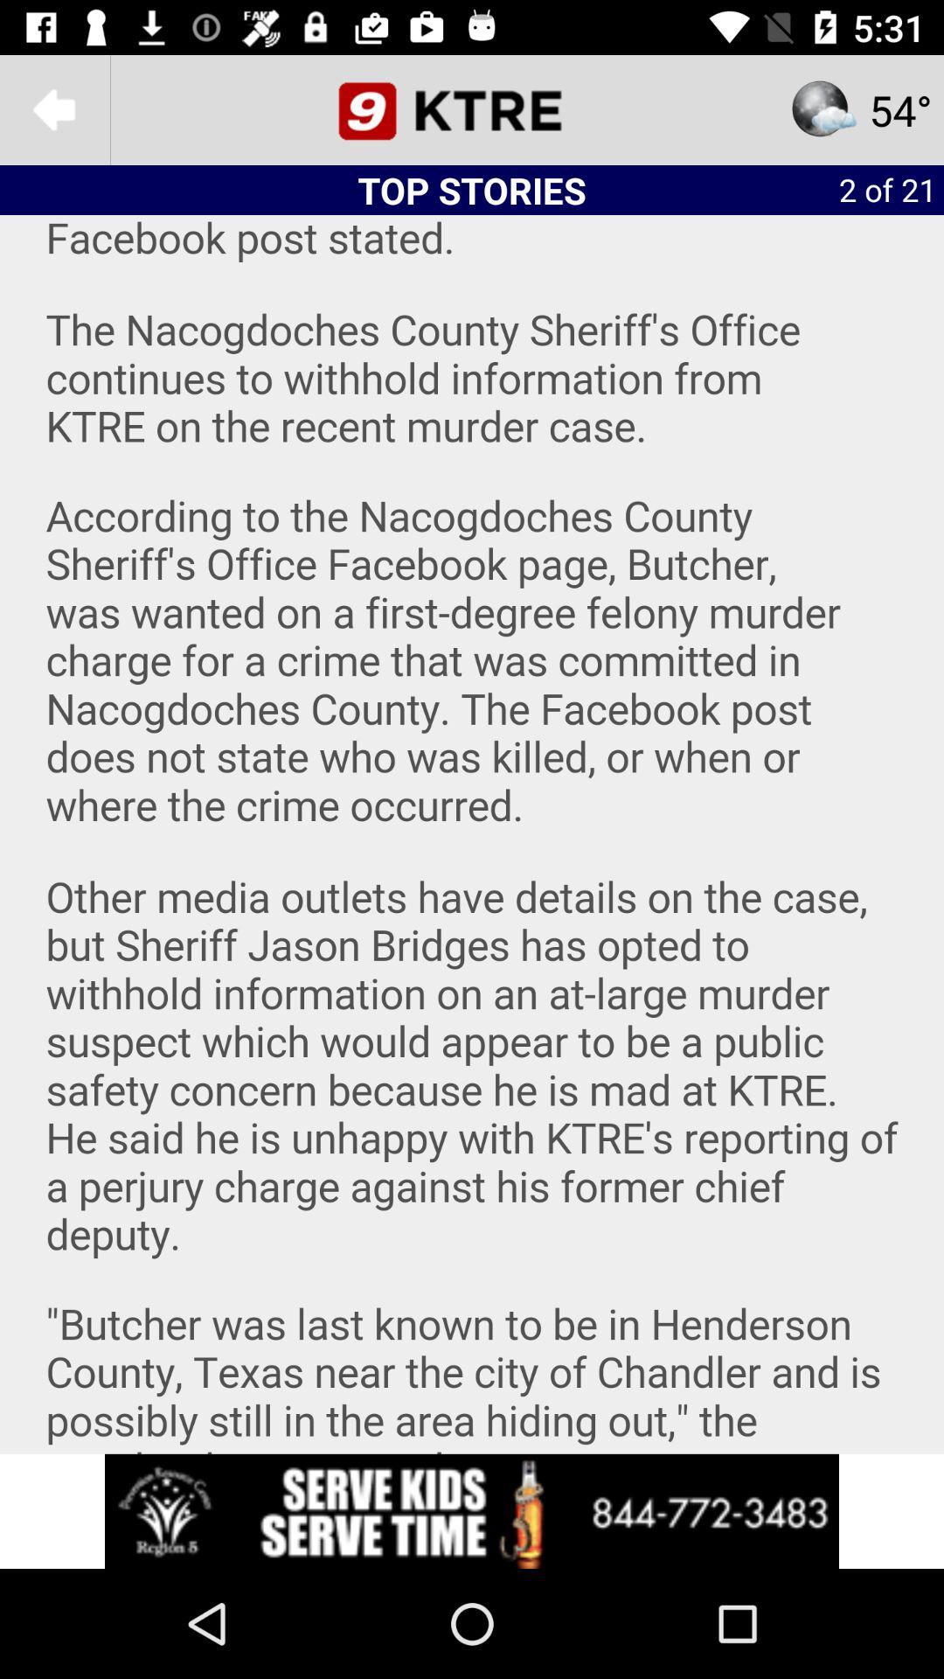 The height and width of the screenshot is (1679, 944). I want to click on back, so click(53, 108).